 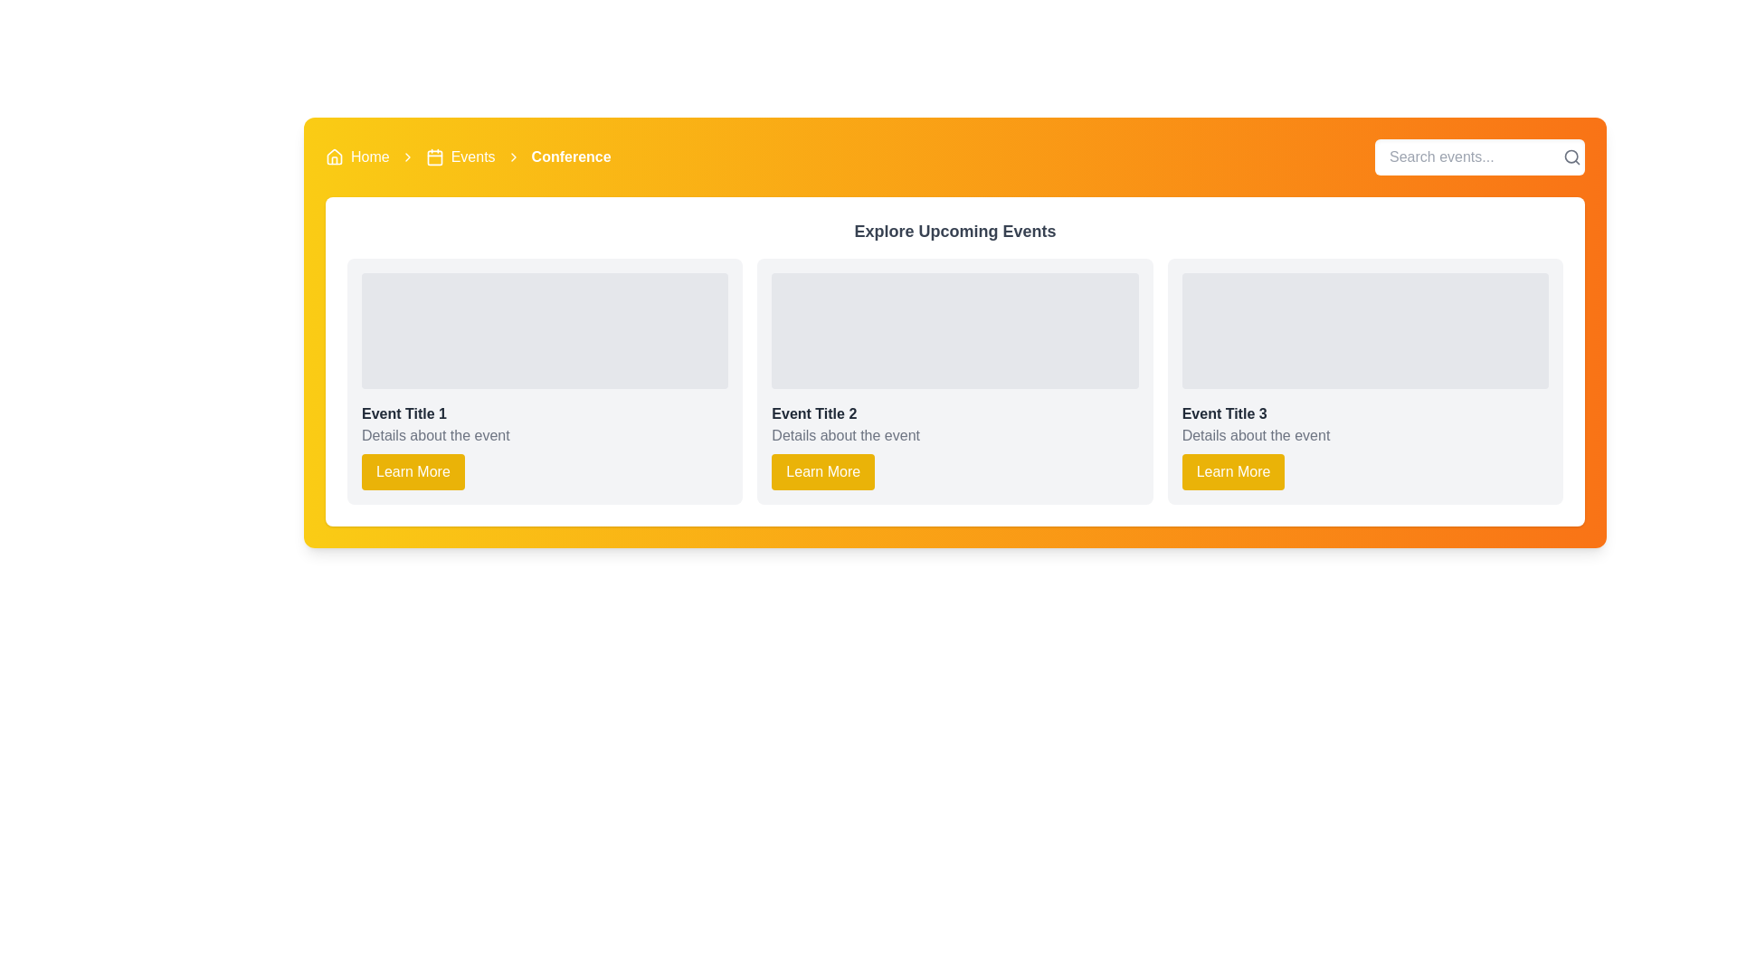 I want to click on the information button located at the bottom-left of the card layout, which provides additional information about the event, so click(x=412, y=470).